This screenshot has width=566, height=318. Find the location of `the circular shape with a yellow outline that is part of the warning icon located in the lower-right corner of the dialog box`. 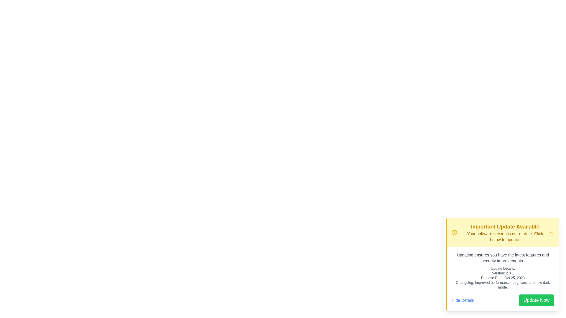

the circular shape with a yellow outline that is part of the warning icon located in the lower-right corner of the dialog box is located at coordinates (454, 232).